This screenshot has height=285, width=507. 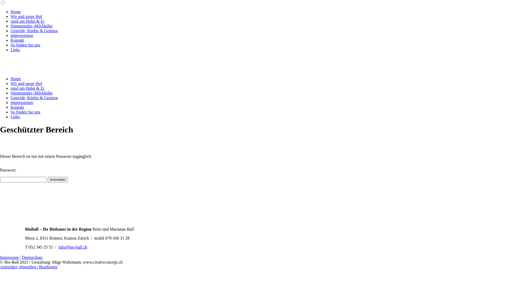 I want to click on 'rund um Huhn & Ei', so click(x=27, y=21).